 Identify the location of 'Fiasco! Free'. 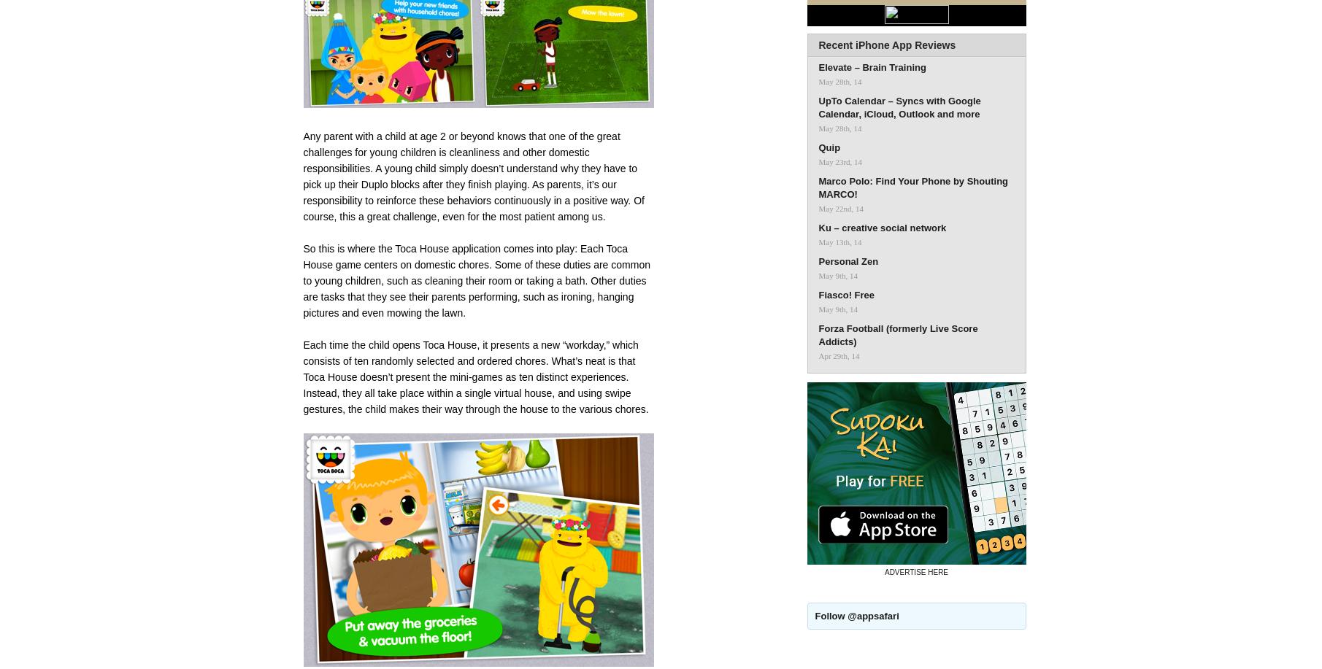
(845, 295).